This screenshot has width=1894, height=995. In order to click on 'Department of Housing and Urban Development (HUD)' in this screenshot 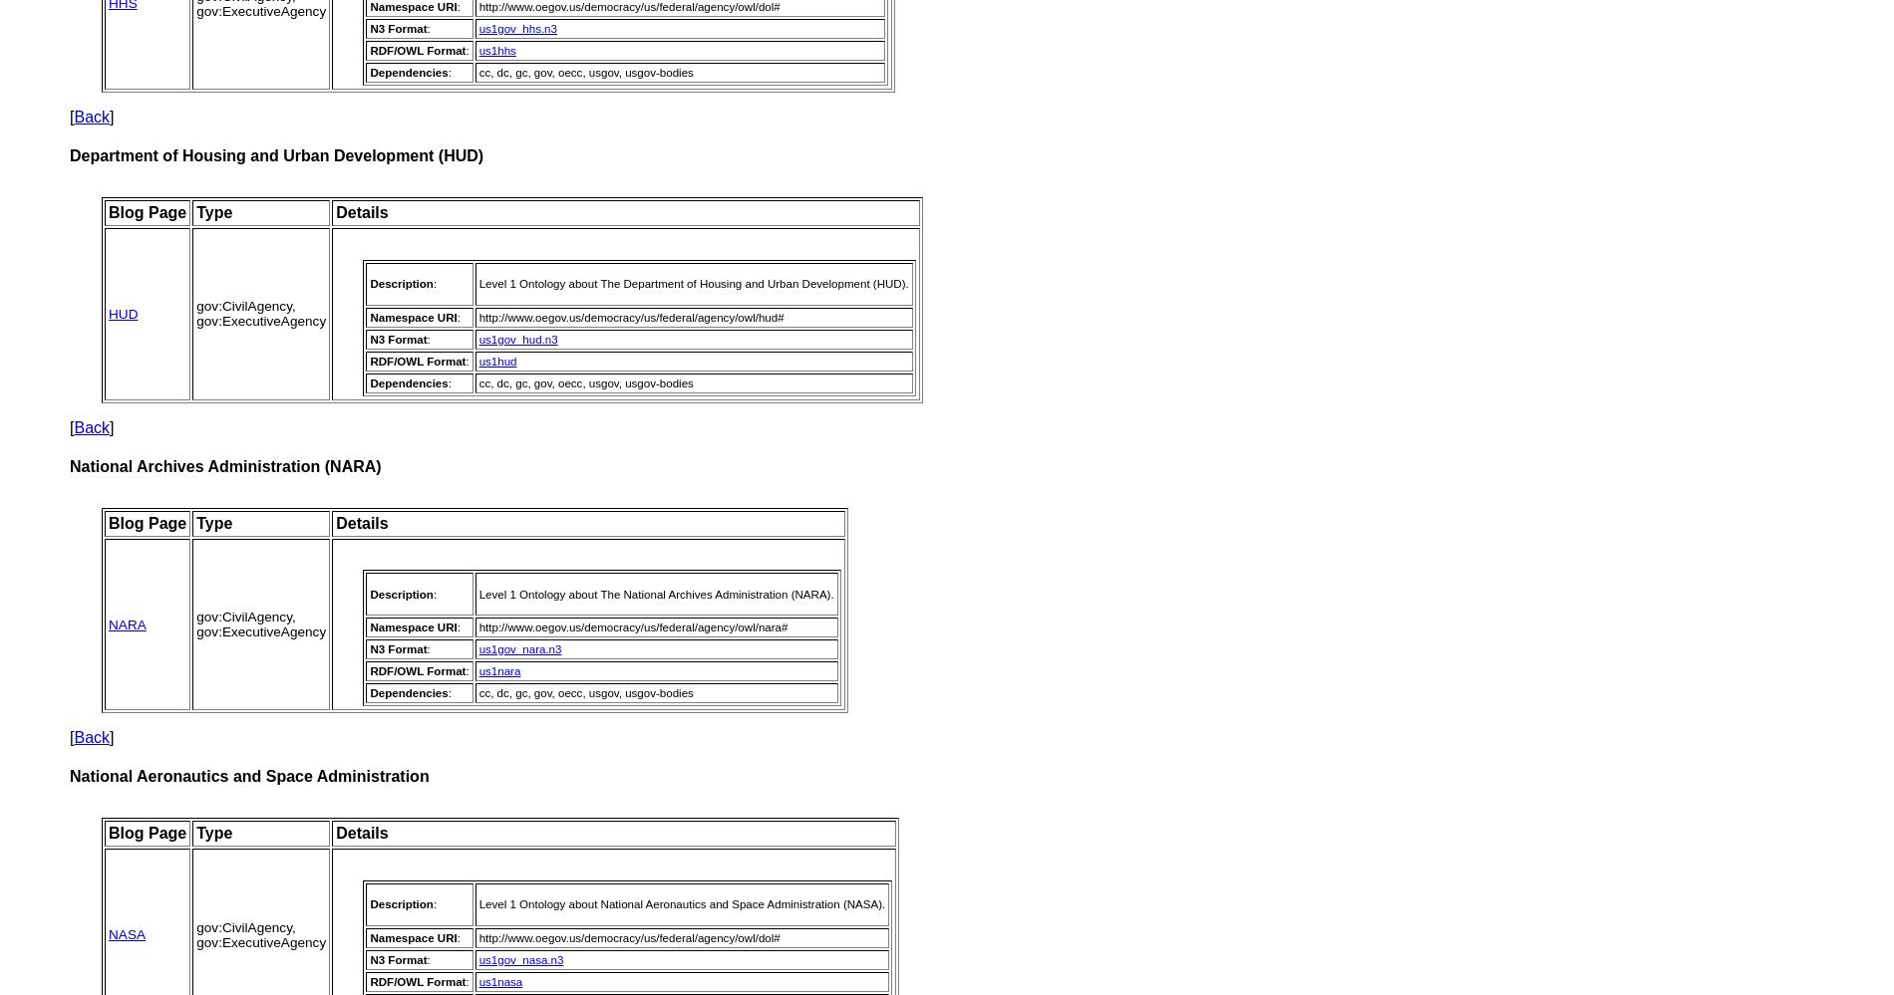, I will do `click(69, 155)`.